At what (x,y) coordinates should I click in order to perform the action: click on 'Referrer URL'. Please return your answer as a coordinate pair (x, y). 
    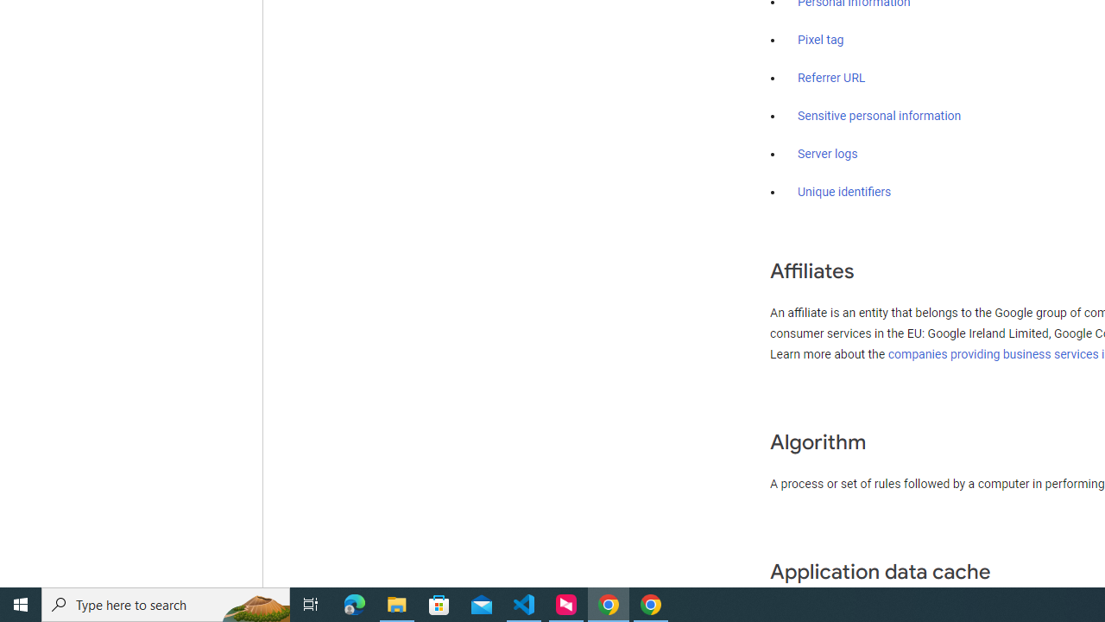
    Looking at the image, I should click on (831, 79).